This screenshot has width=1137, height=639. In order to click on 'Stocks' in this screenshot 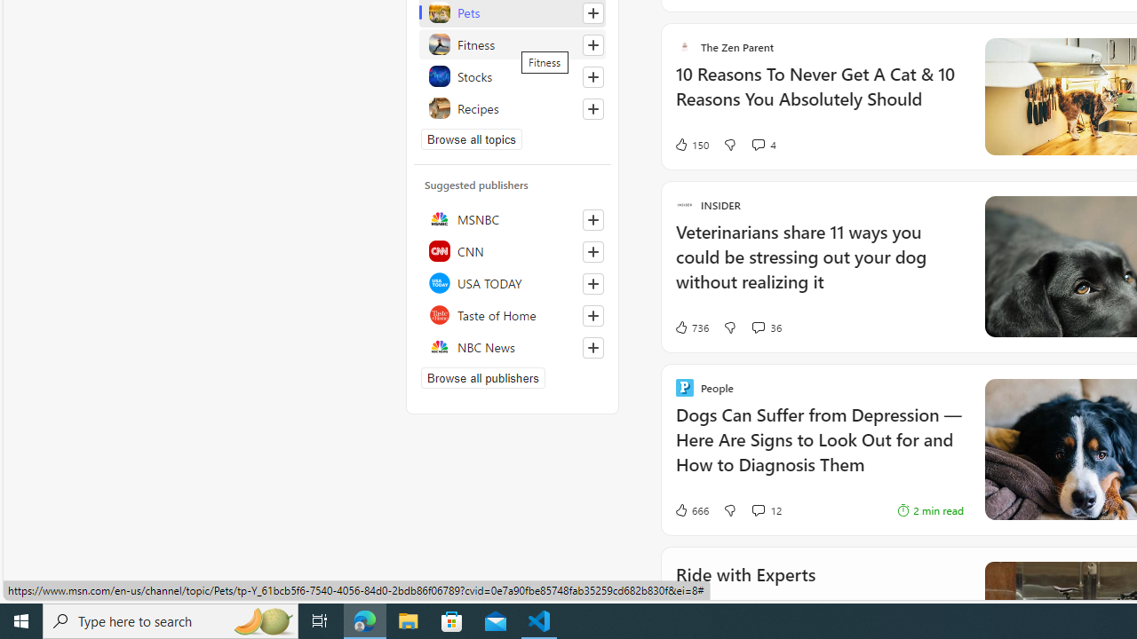, I will do `click(512, 75)`.